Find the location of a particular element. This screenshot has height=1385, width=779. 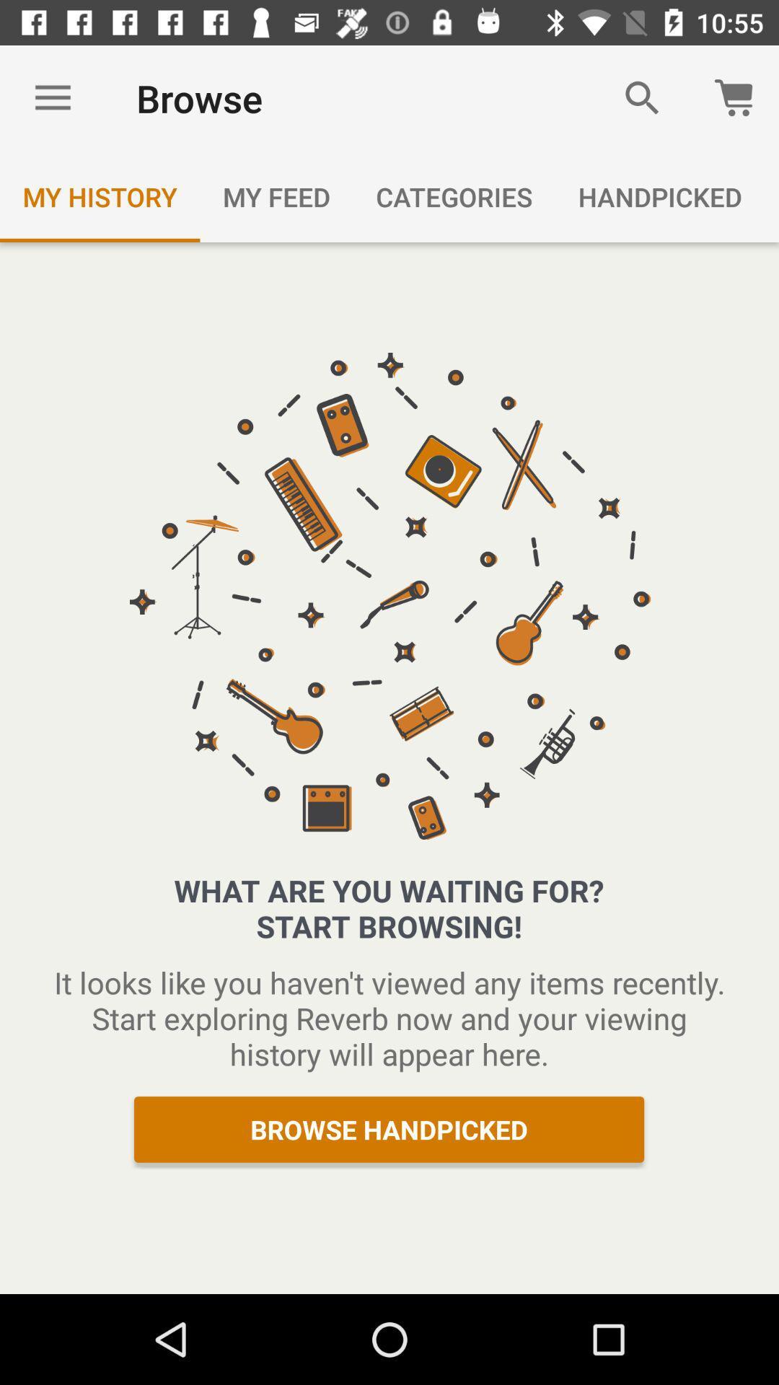

the item next to the browse icon is located at coordinates (642, 97).